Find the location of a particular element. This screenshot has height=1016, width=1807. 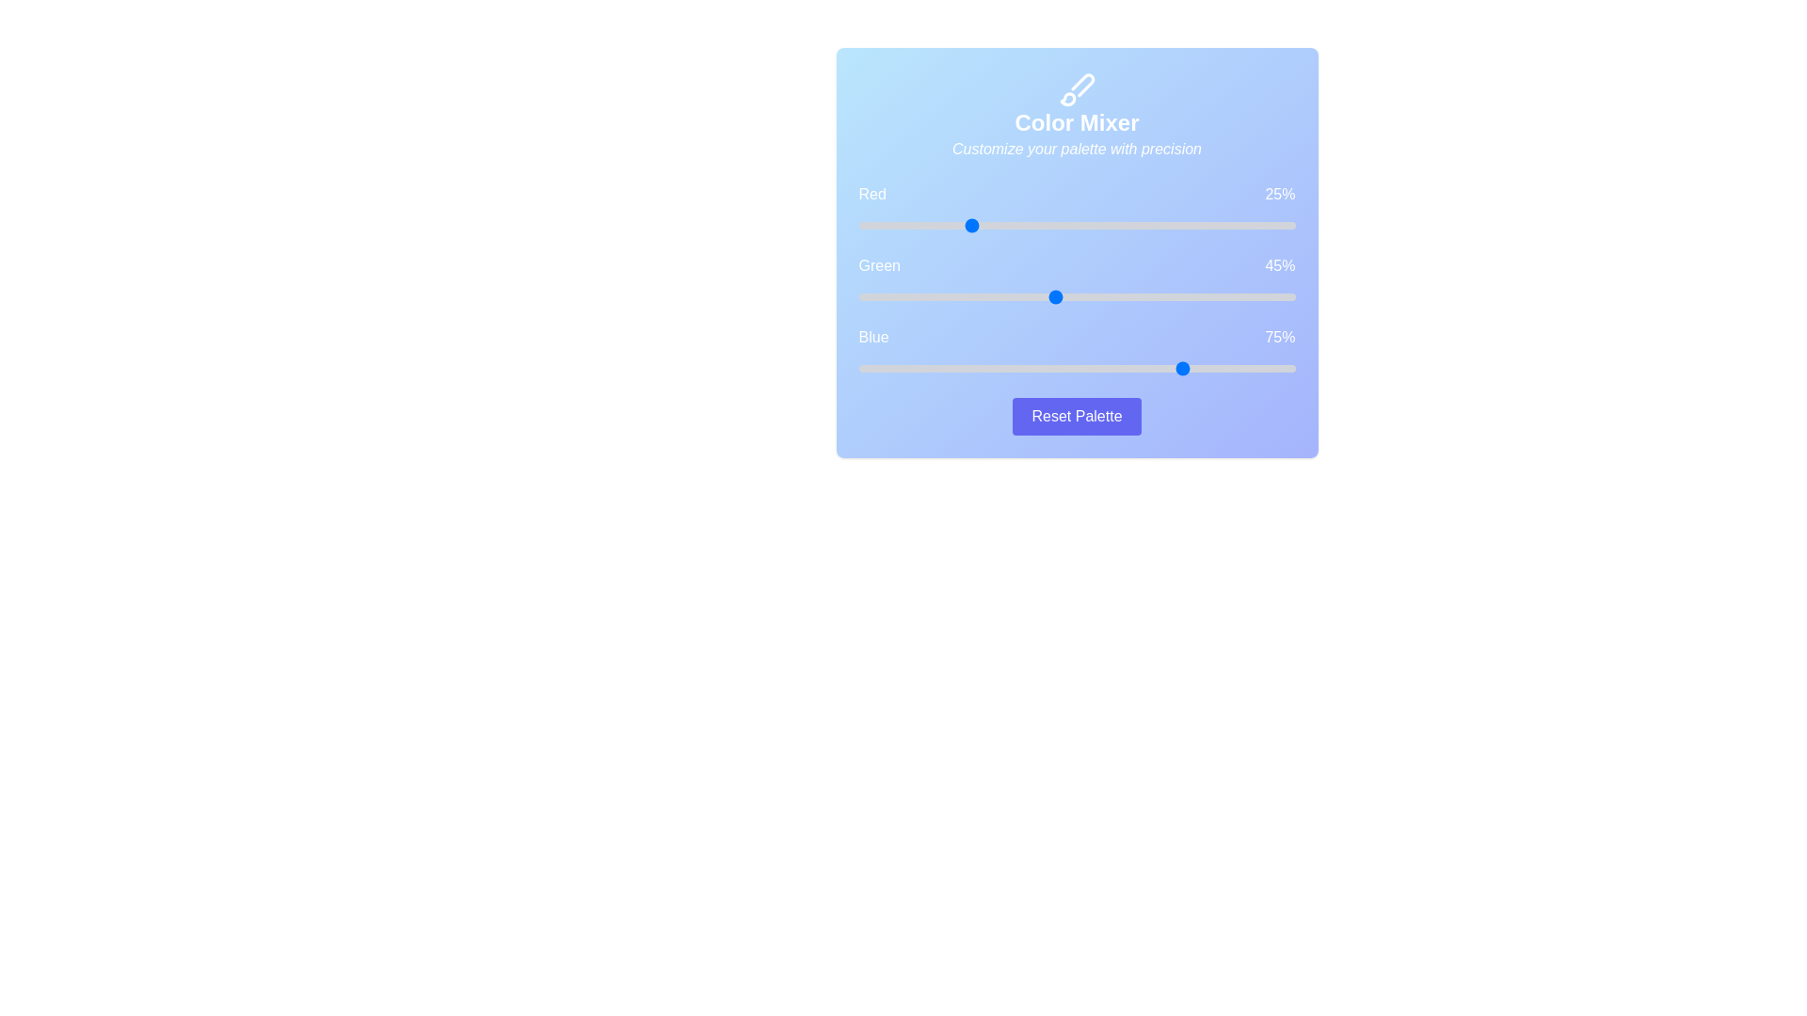

the 'Reset Palette' button to reset the colors to their default values is located at coordinates (1077, 416).